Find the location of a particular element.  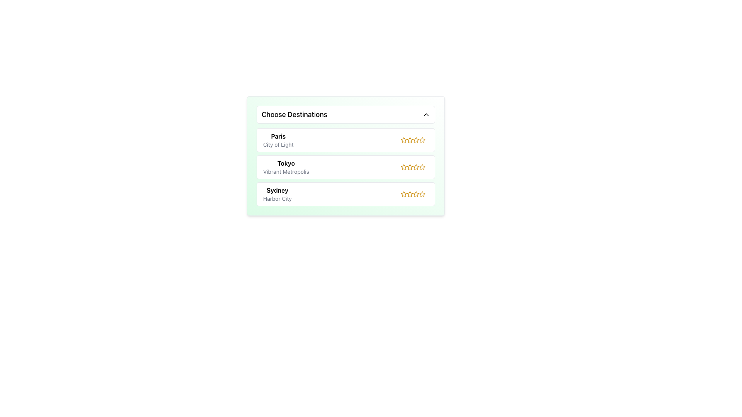

the first Rating Star next to the 'Paris' label to see options for modifying the rating is located at coordinates (403, 140).